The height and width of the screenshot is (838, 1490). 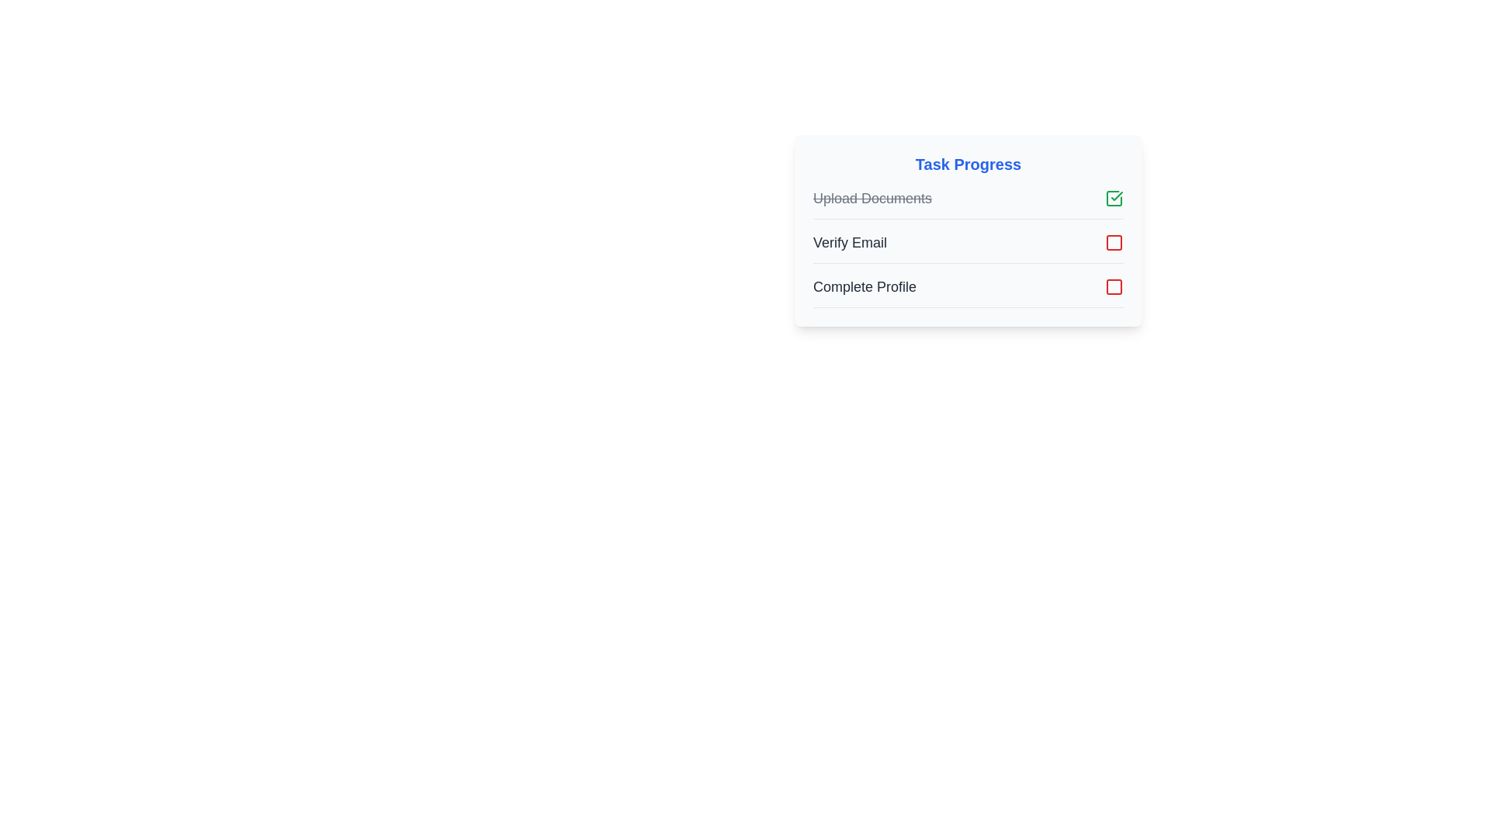 What do you see at coordinates (968, 203) in the screenshot?
I see `the completed task item labeled 'Upload Documents'` at bounding box center [968, 203].